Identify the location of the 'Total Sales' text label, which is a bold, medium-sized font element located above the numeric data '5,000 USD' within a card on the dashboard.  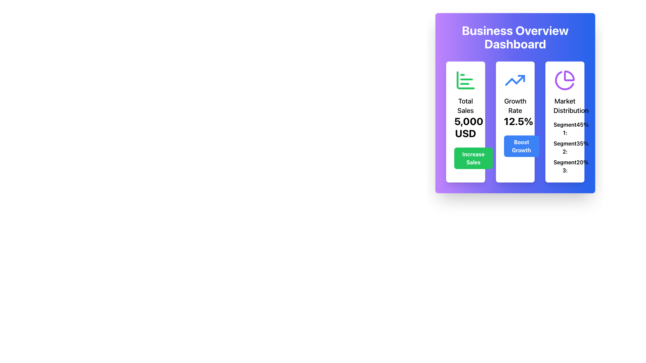
(465, 106).